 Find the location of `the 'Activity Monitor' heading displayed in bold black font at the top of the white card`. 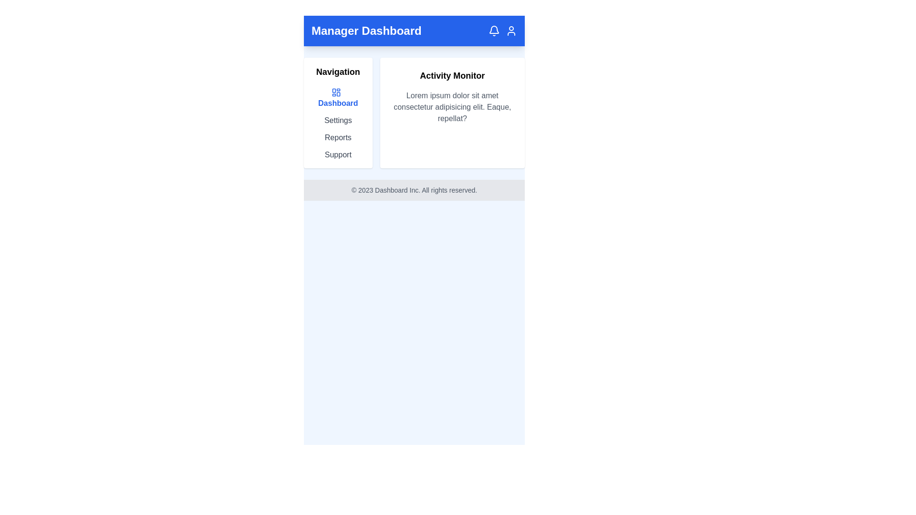

the 'Activity Monitor' heading displayed in bold black font at the top of the white card is located at coordinates (452, 75).